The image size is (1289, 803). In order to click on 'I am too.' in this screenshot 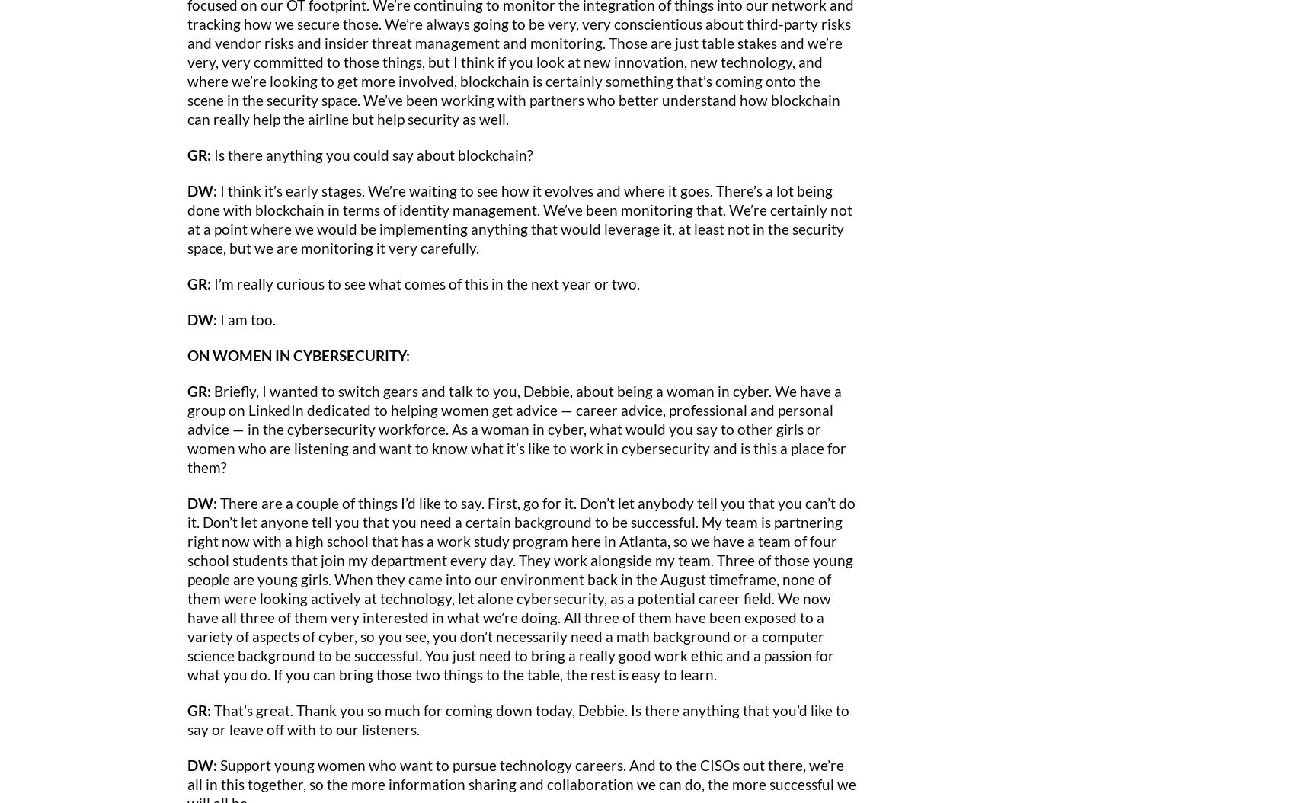, I will do `click(245, 318)`.